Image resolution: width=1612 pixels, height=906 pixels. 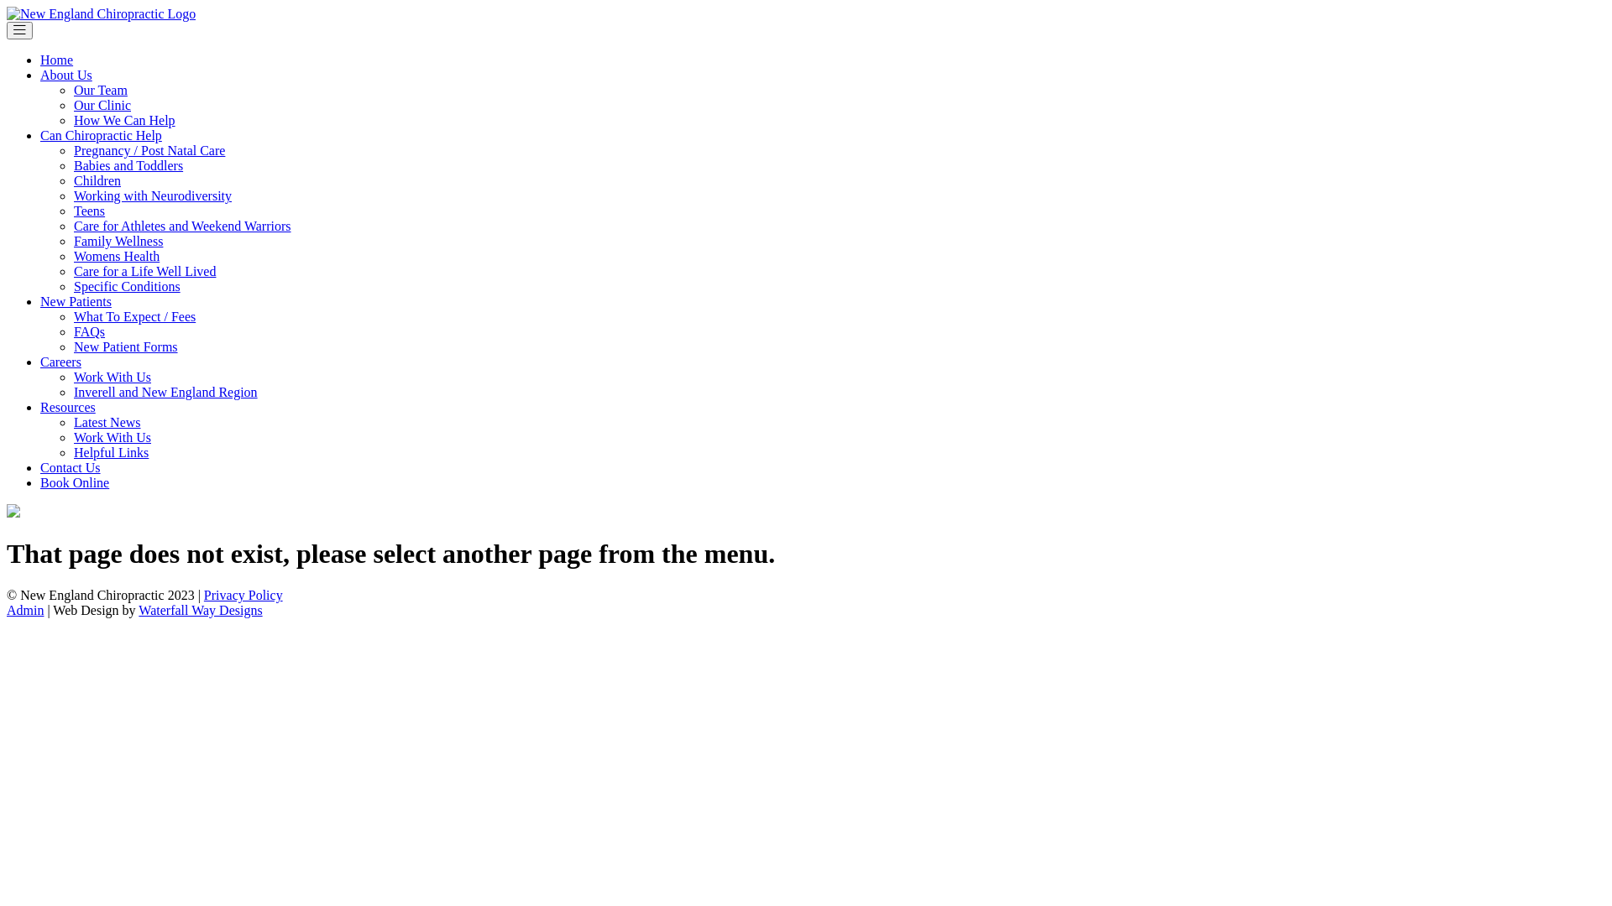 What do you see at coordinates (165, 392) in the screenshot?
I see `'Inverell and New England Region'` at bounding box center [165, 392].